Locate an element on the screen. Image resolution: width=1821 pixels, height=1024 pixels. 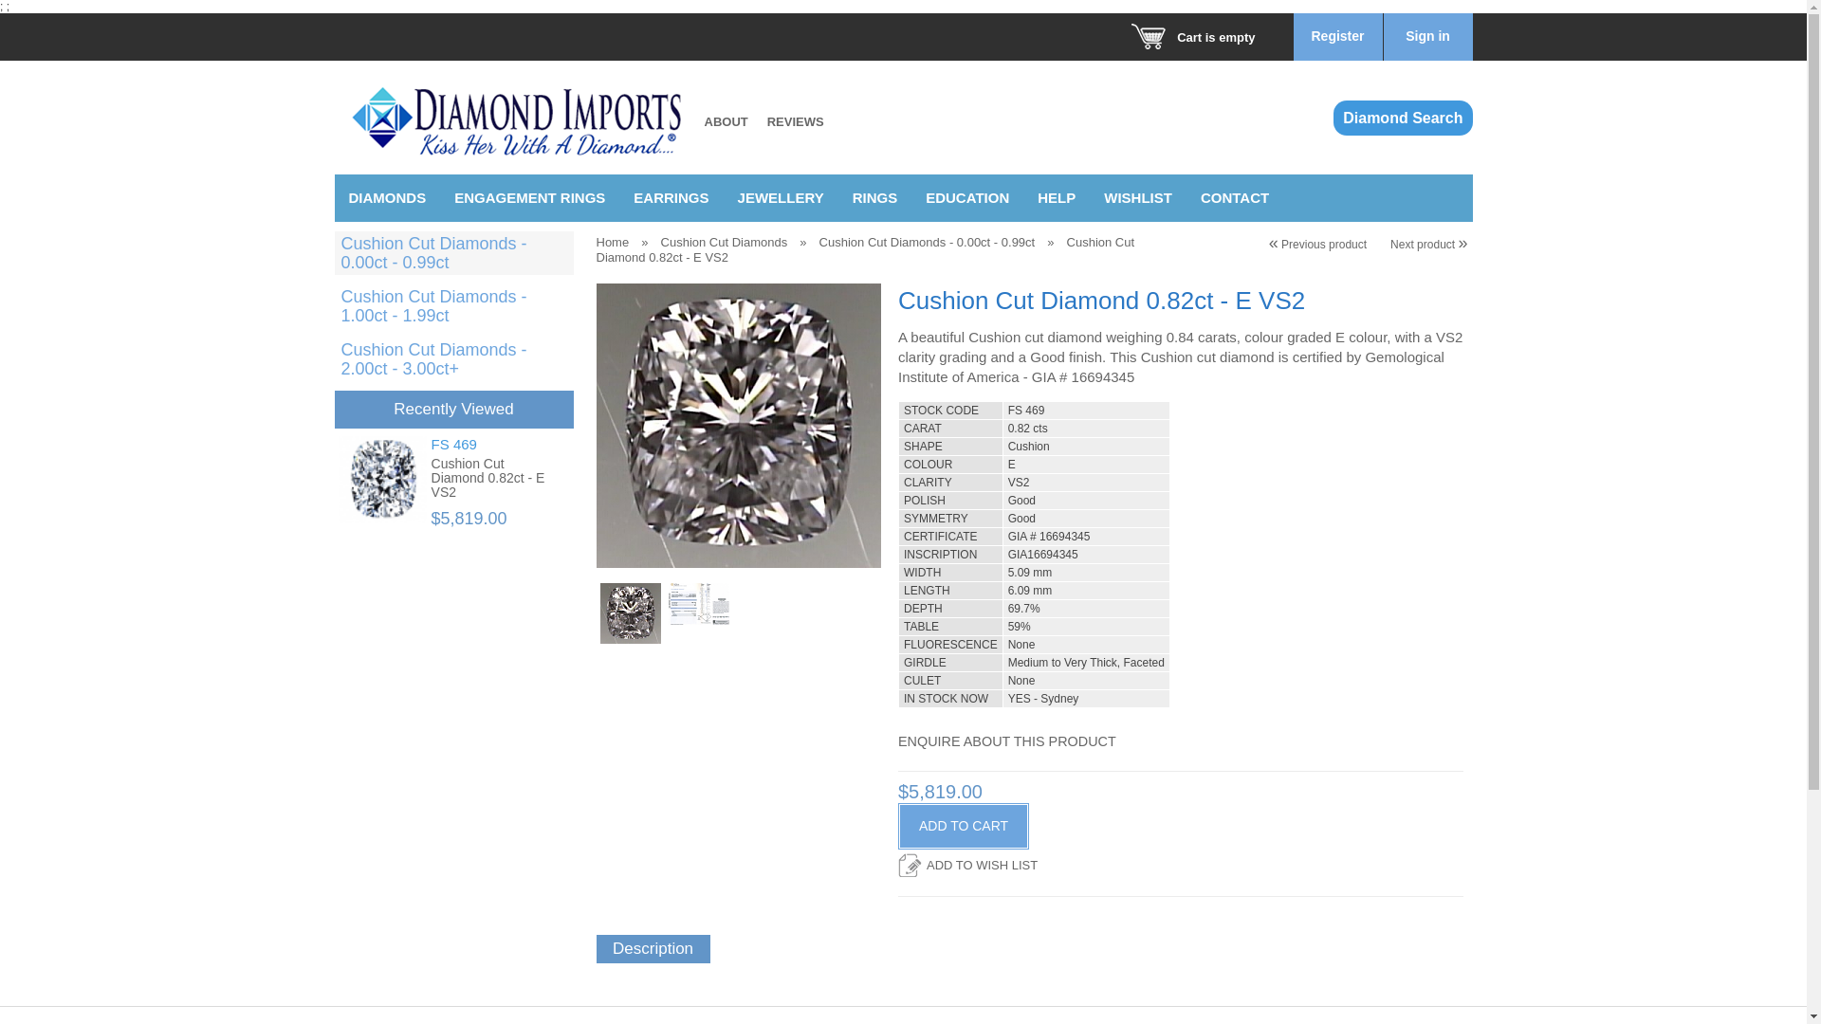
'Cushion Cut Diamonds - 0.00ct - 0.99ct' is located at coordinates (432, 251).